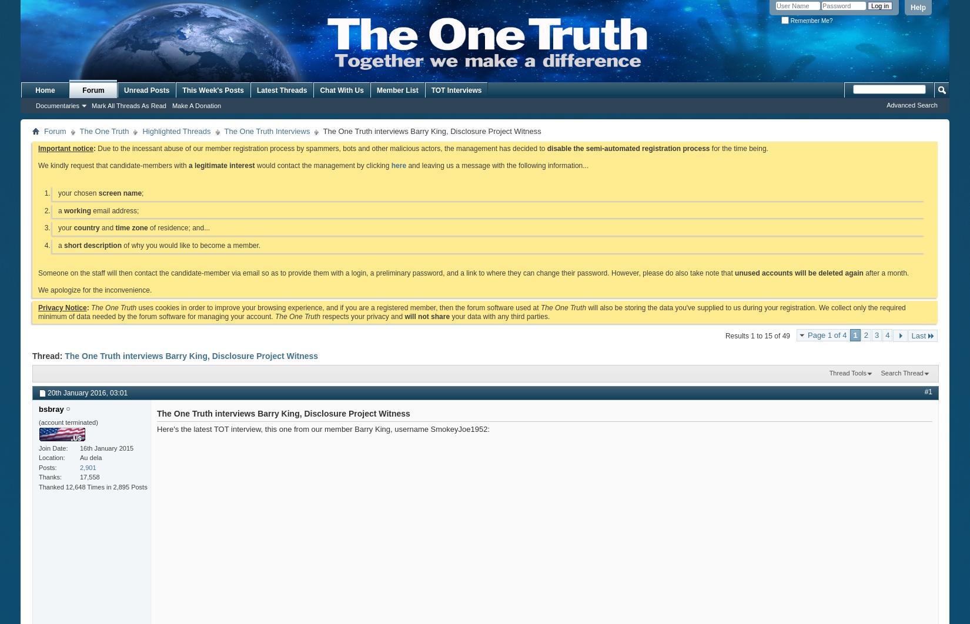  I want to click on 'Make A Donation', so click(172, 106).